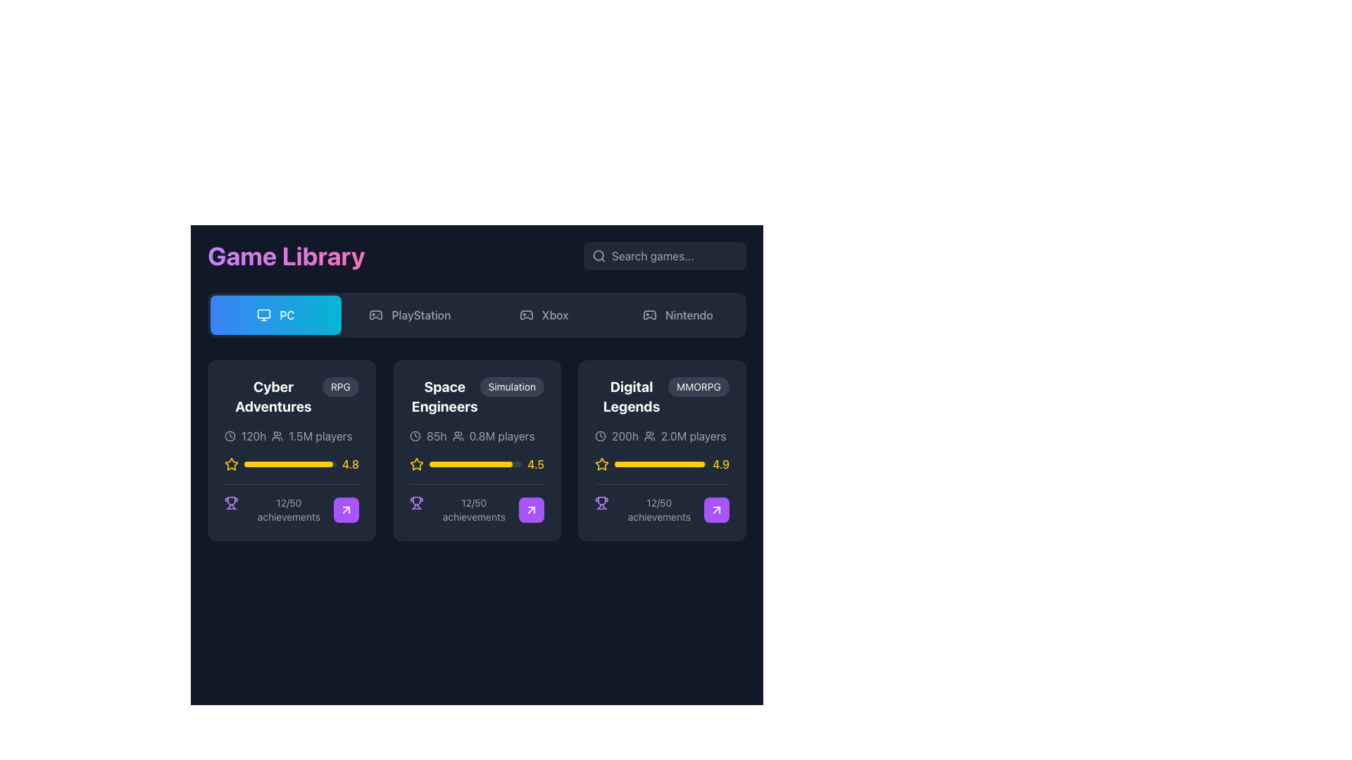 The width and height of the screenshot is (1352, 760). Describe the element at coordinates (287, 314) in the screenshot. I see `'PC' text label which identifies the current platform choice in the navigation options under the 'Game Library' section` at that location.